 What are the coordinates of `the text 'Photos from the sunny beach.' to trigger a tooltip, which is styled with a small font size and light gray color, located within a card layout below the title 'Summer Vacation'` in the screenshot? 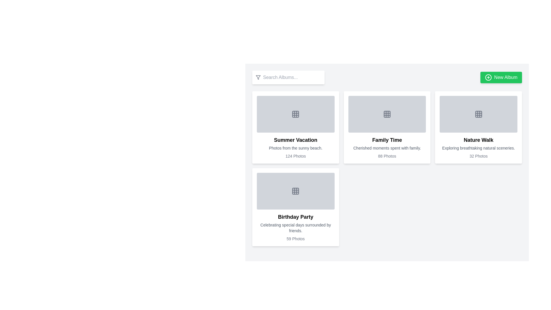 It's located at (296, 148).